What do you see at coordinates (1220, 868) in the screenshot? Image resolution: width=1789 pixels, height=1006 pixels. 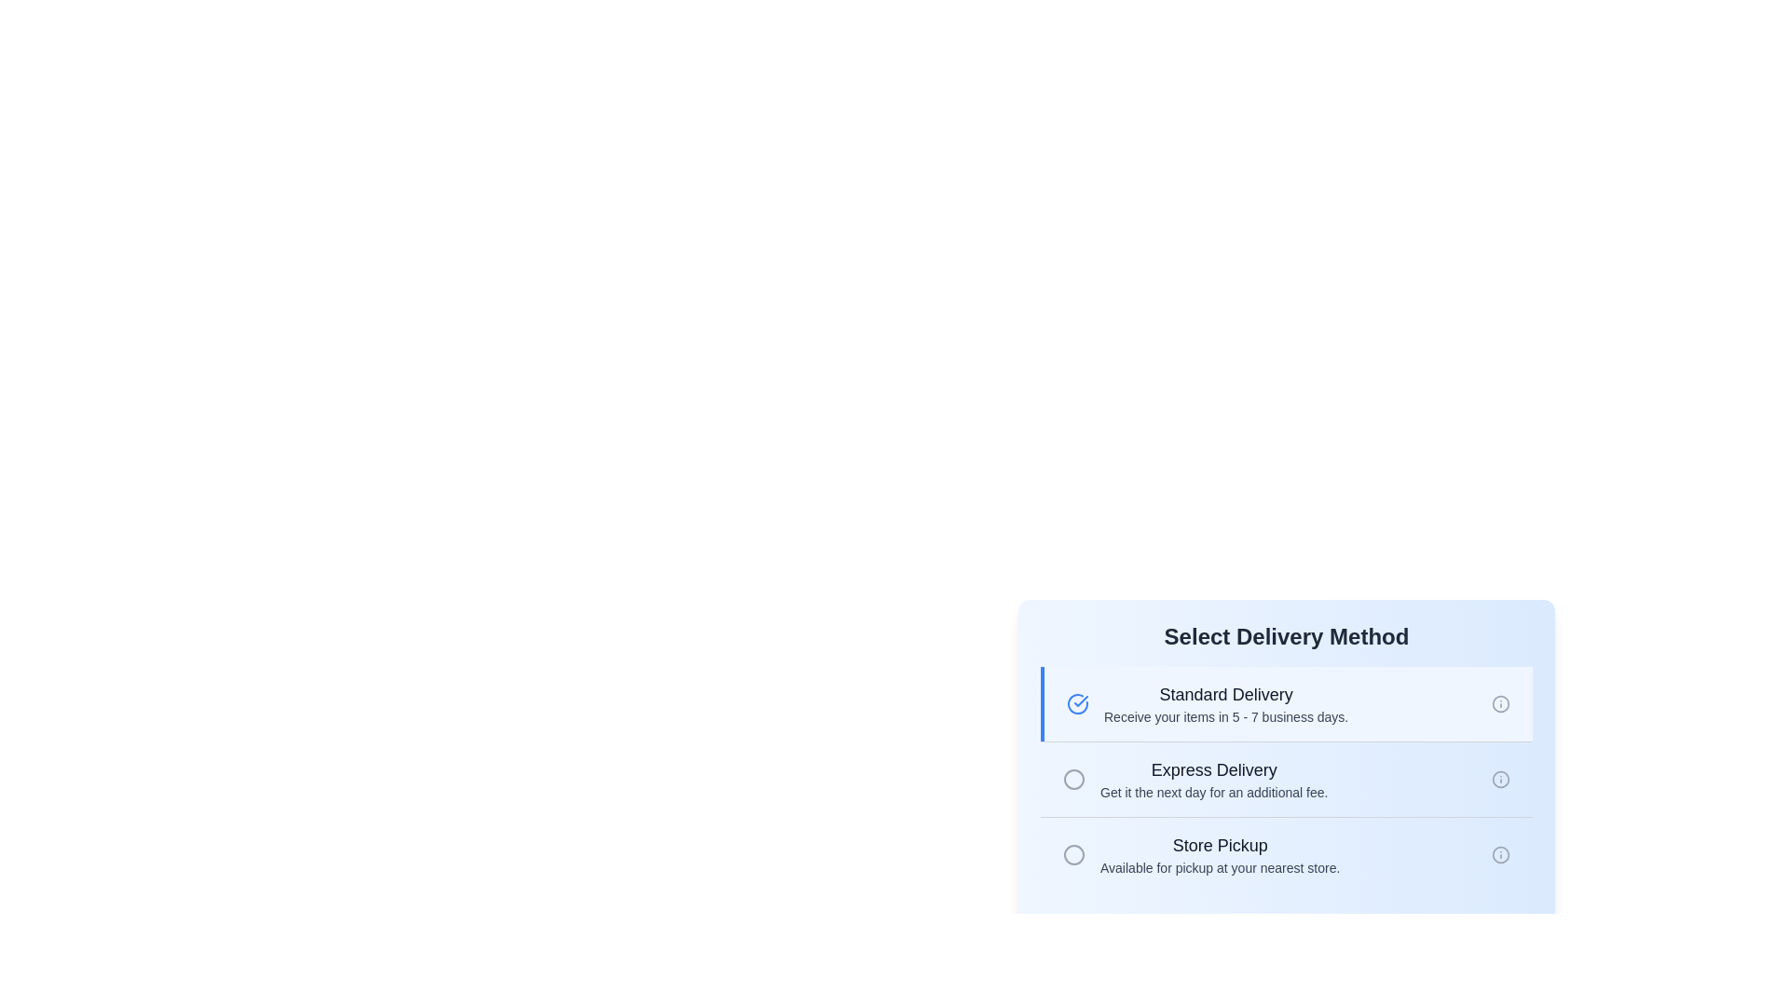 I see `the text label providing additional information about the 'Store Pickup' option, located directly below the bolded 'Store Pickup' text` at bounding box center [1220, 868].